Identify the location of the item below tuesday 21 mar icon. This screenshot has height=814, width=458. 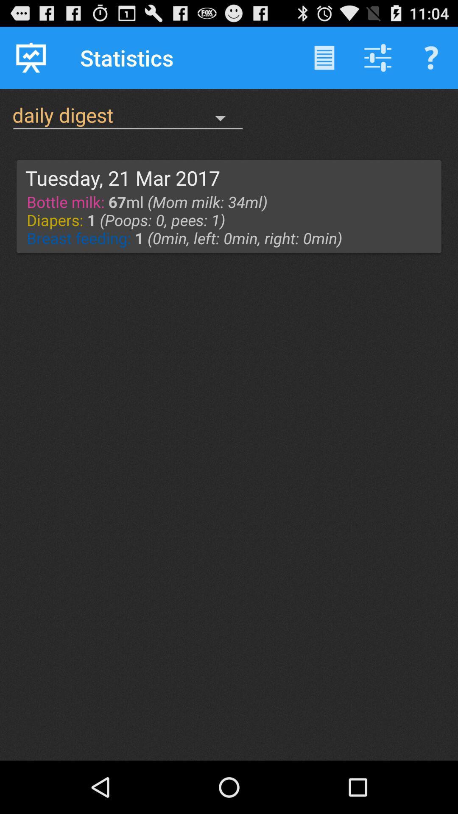
(231, 220).